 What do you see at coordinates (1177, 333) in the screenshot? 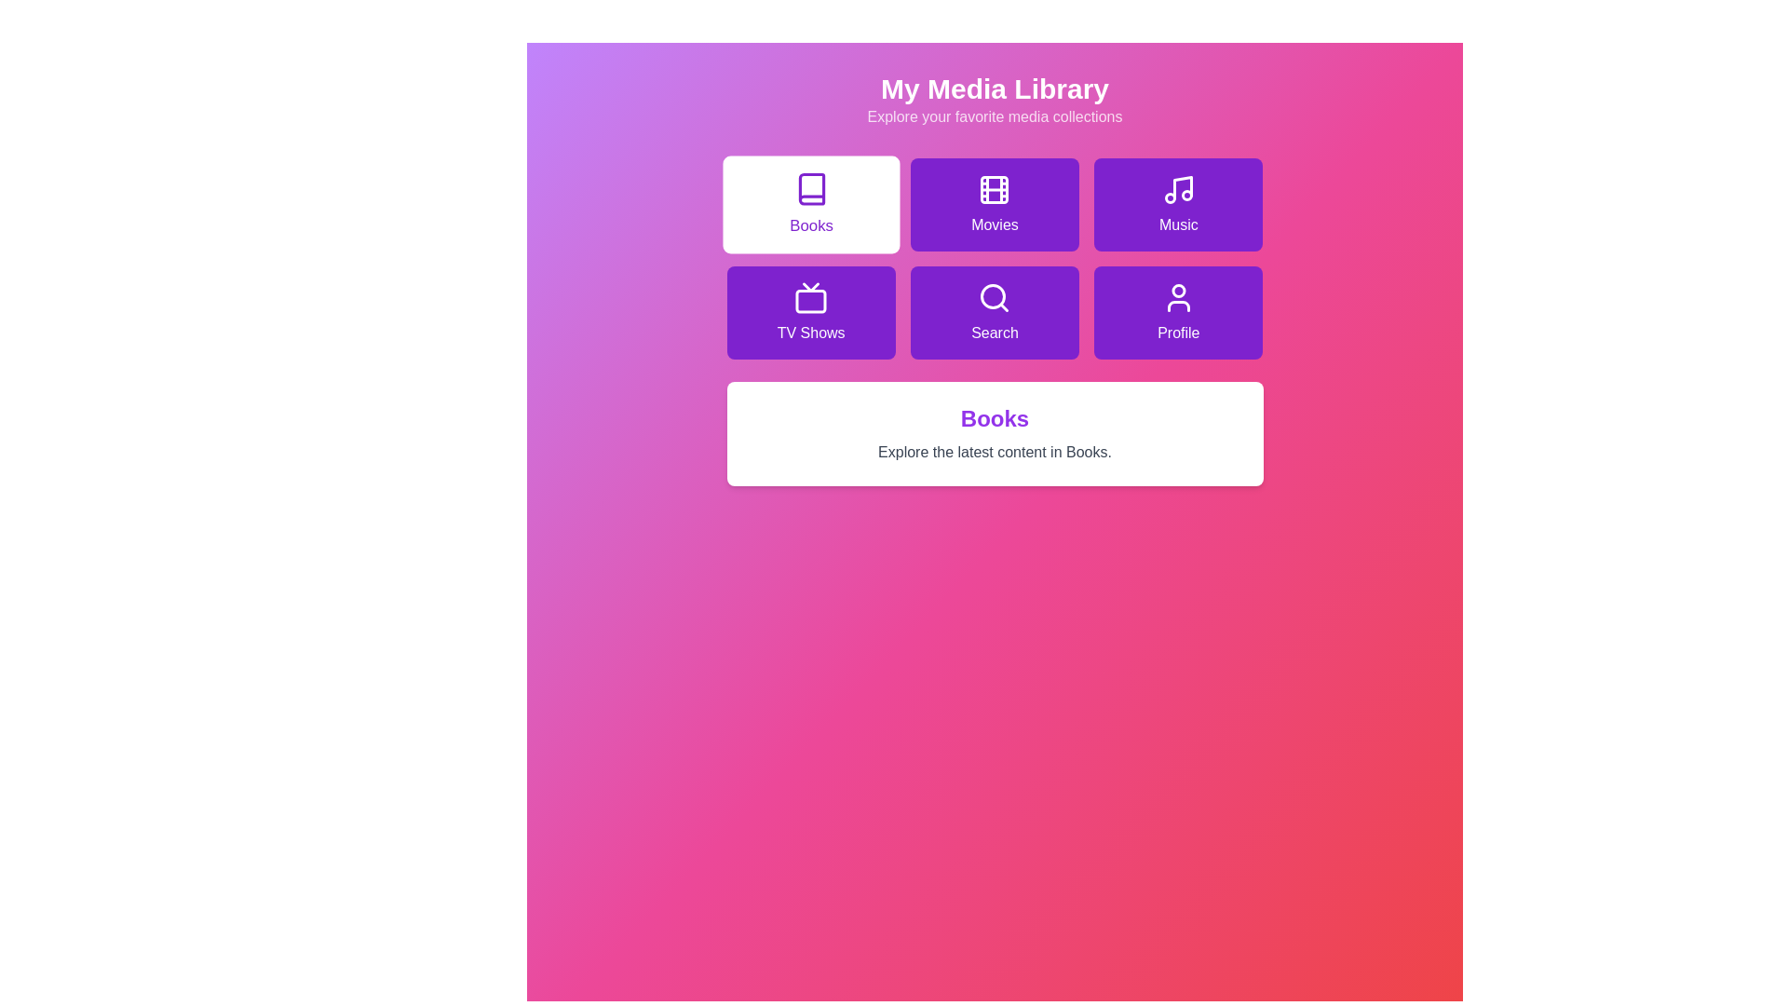
I see `text label of the 'Profile' button located in the lower-right corner of the button grid` at bounding box center [1177, 333].